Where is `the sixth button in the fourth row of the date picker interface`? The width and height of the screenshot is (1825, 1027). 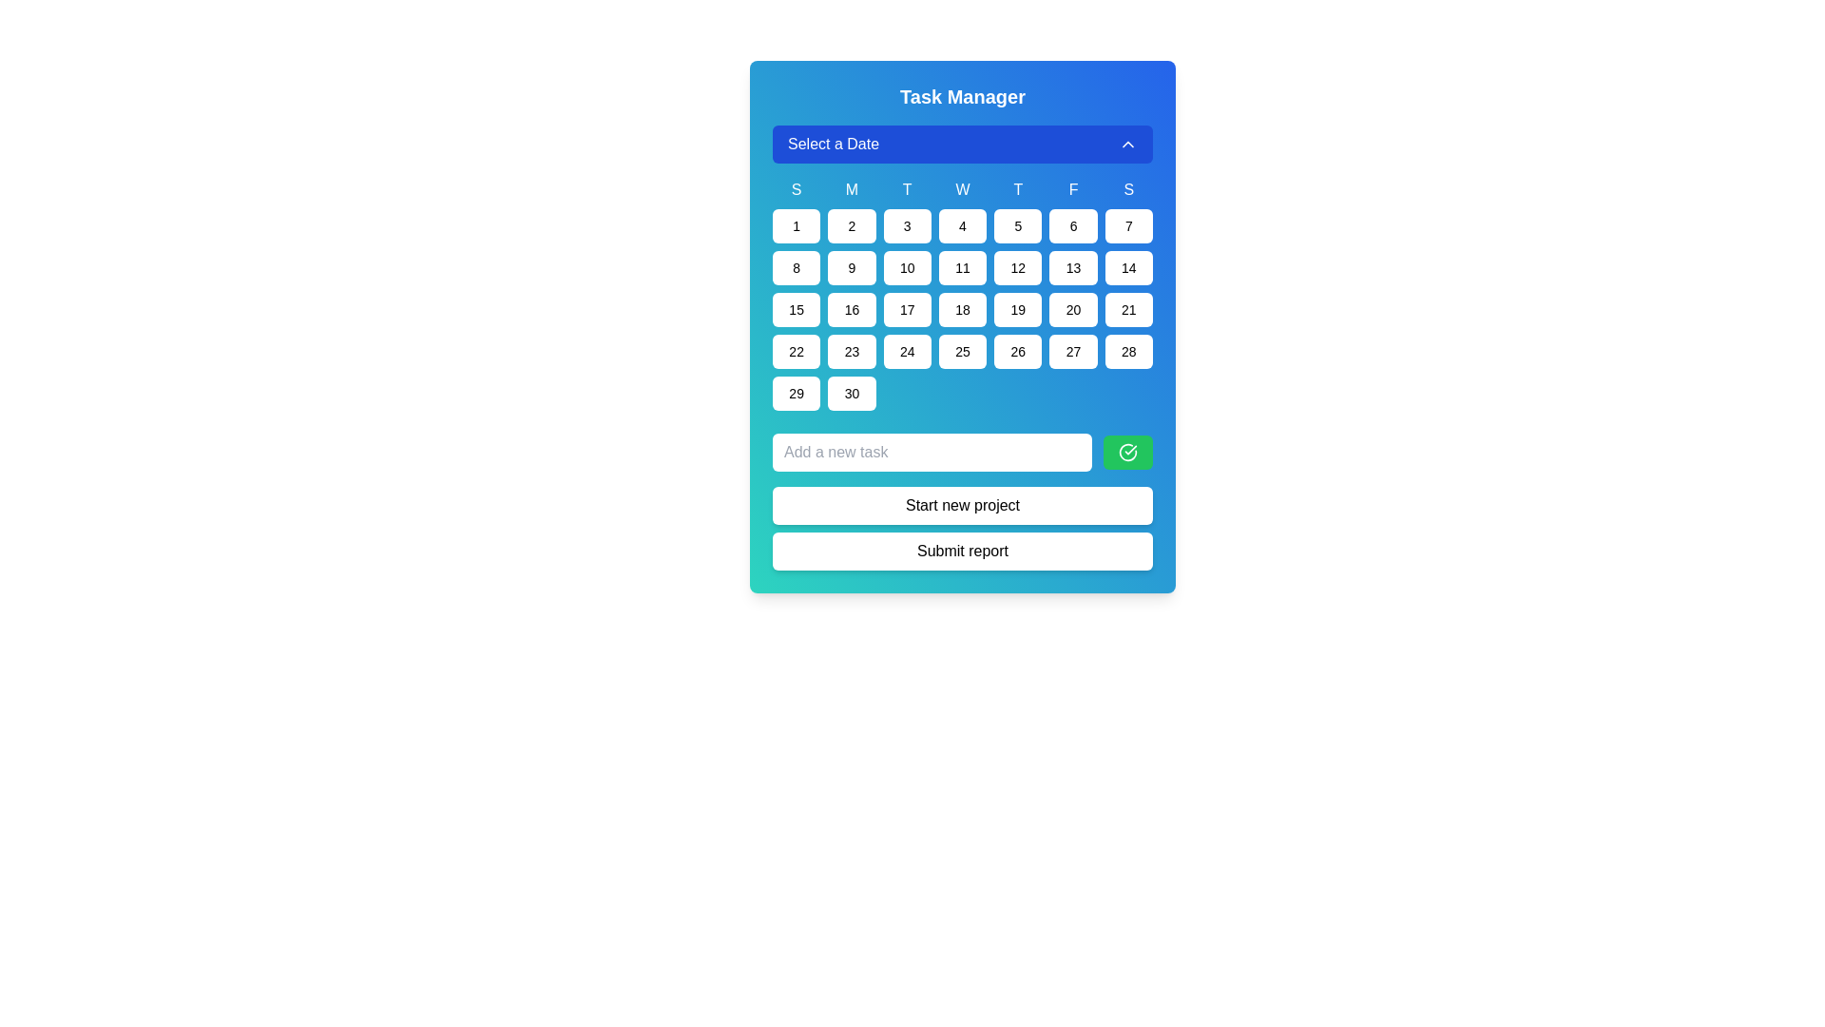 the sixth button in the fourth row of the date picker interface is located at coordinates (851, 352).